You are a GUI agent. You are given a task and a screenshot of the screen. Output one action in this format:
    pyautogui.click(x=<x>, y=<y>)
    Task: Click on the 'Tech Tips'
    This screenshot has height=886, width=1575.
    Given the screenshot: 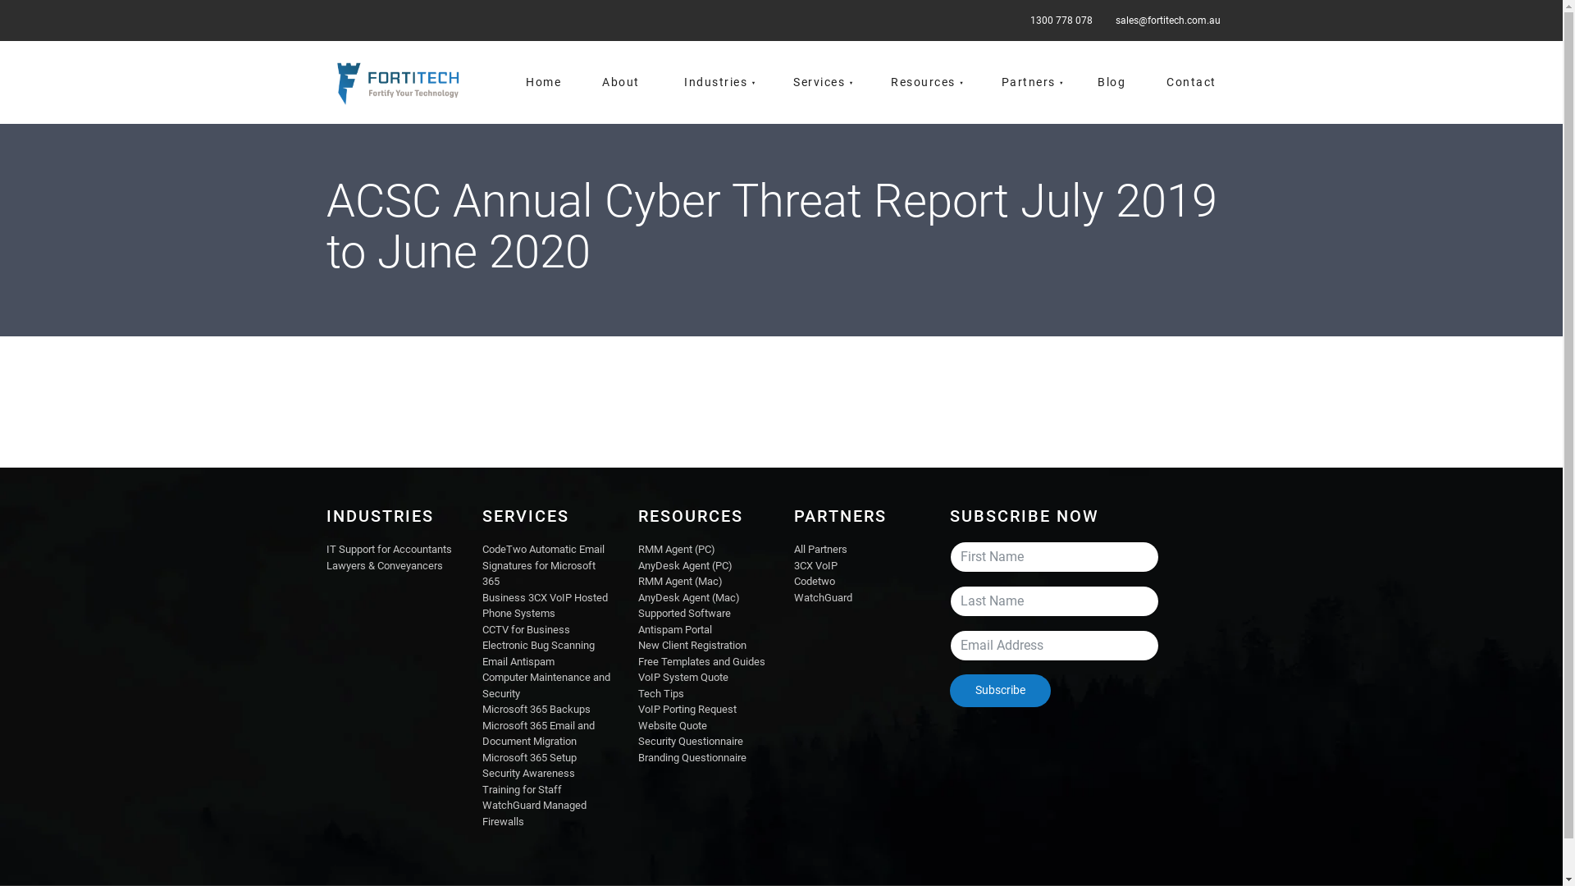 What is the action you would take?
    pyautogui.click(x=661, y=693)
    